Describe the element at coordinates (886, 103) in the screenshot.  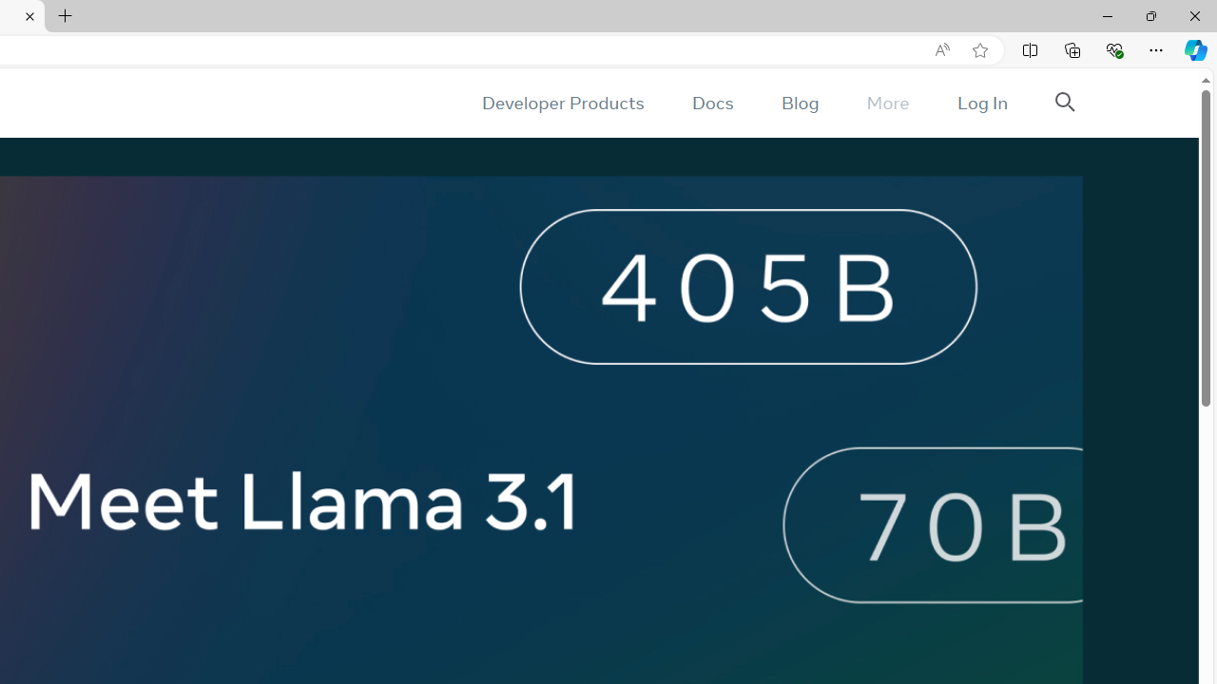
I see `'More'` at that location.